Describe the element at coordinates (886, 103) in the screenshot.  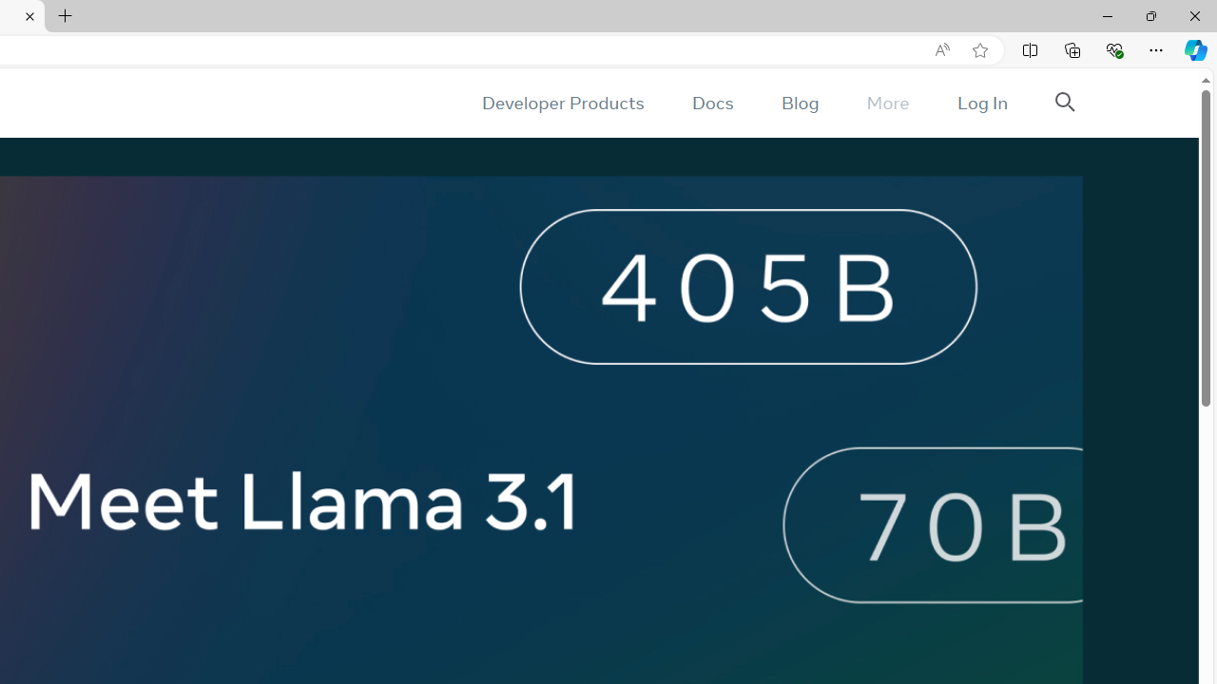
I see `'More'` at that location.